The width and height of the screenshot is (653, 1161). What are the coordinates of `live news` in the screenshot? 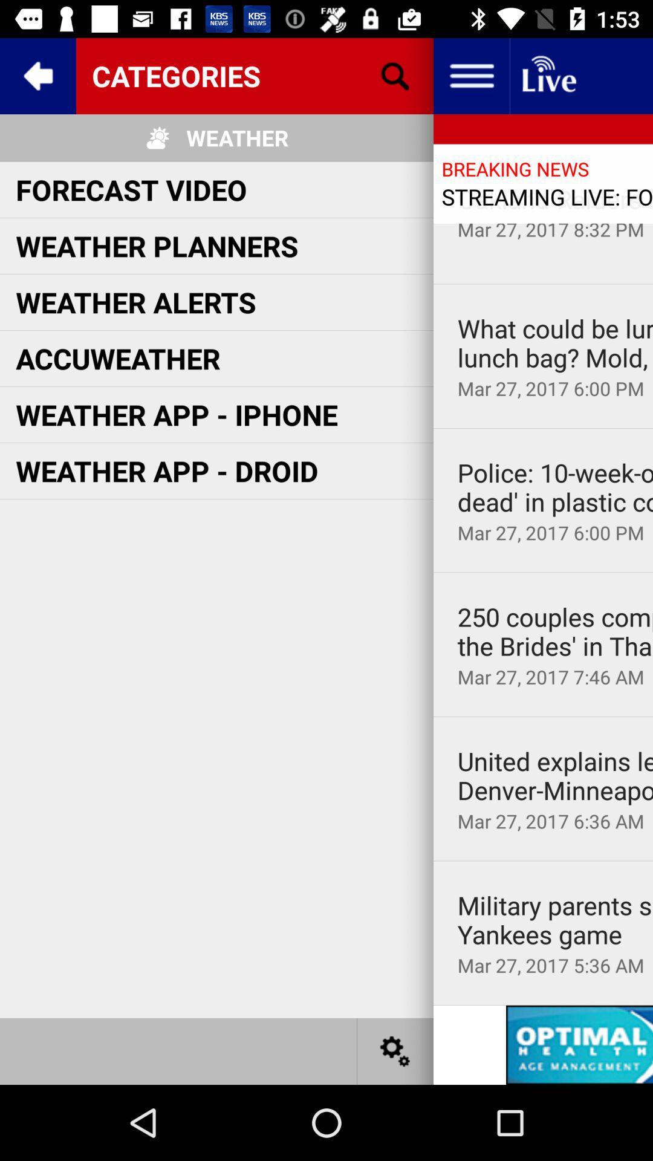 It's located at (548, 75).